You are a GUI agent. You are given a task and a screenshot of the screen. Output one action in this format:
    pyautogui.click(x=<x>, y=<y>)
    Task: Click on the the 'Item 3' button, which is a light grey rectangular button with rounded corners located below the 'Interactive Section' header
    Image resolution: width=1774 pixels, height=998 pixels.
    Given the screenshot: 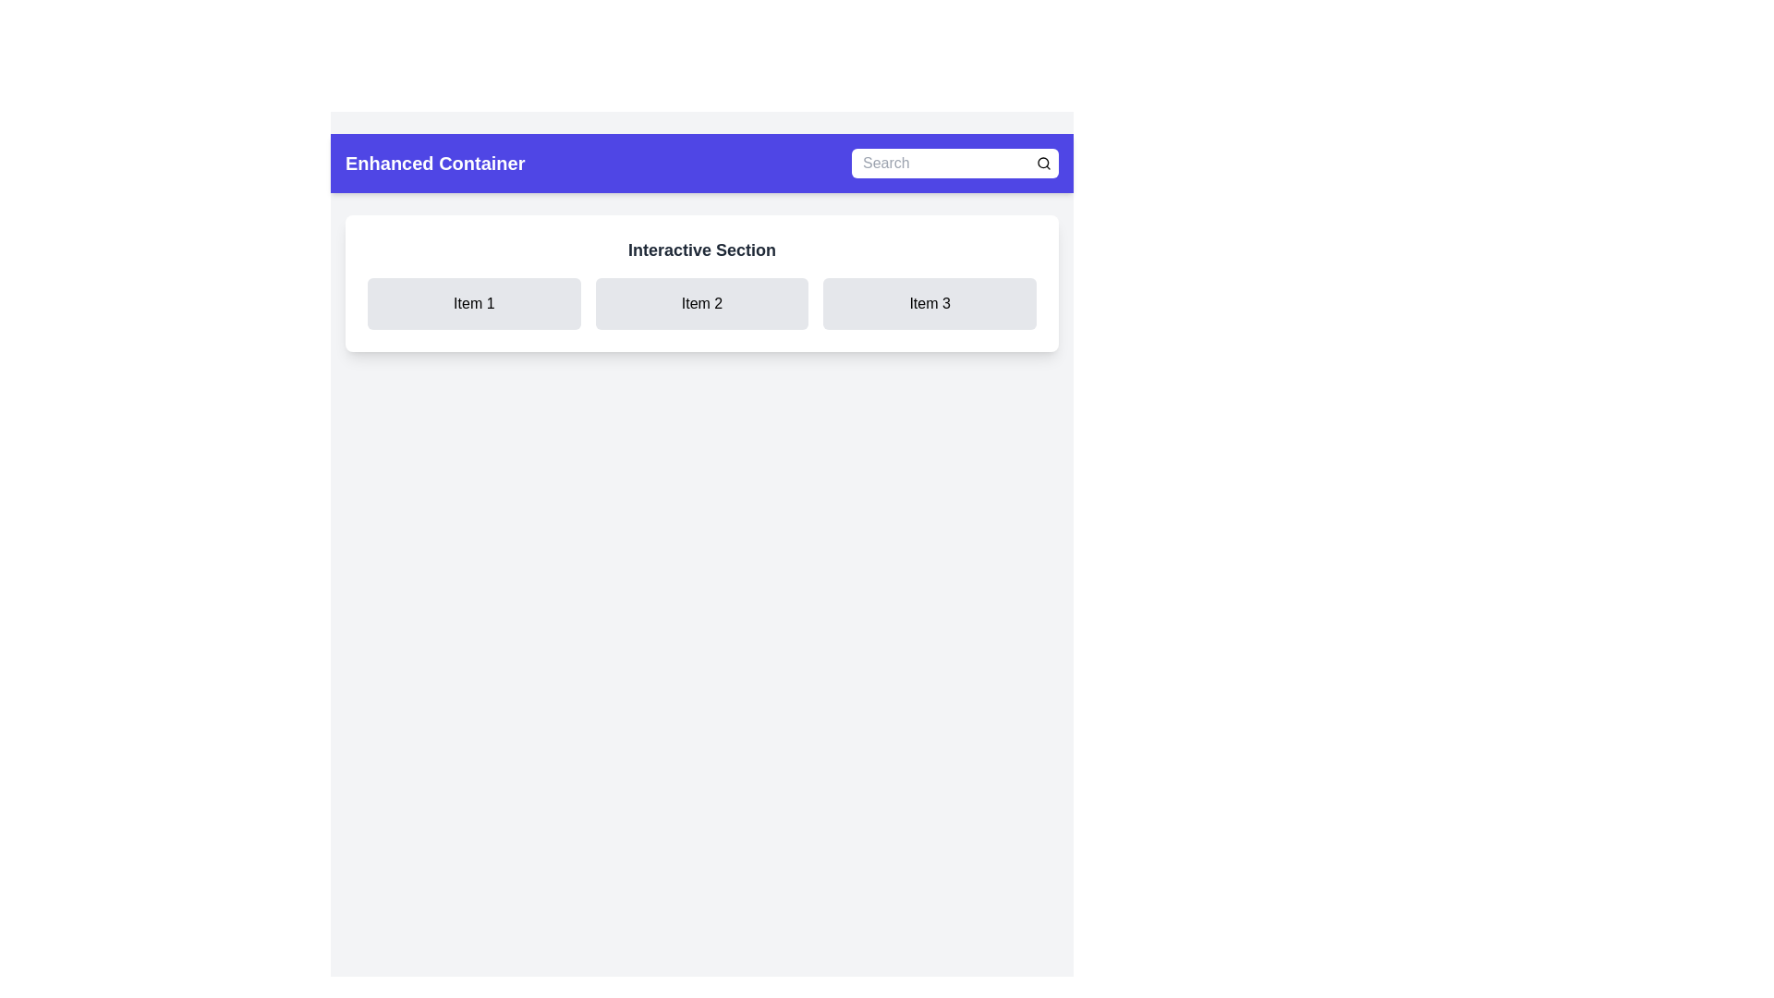 What is the action you would take?
    pyautogui.click(x=930, y=302)
    